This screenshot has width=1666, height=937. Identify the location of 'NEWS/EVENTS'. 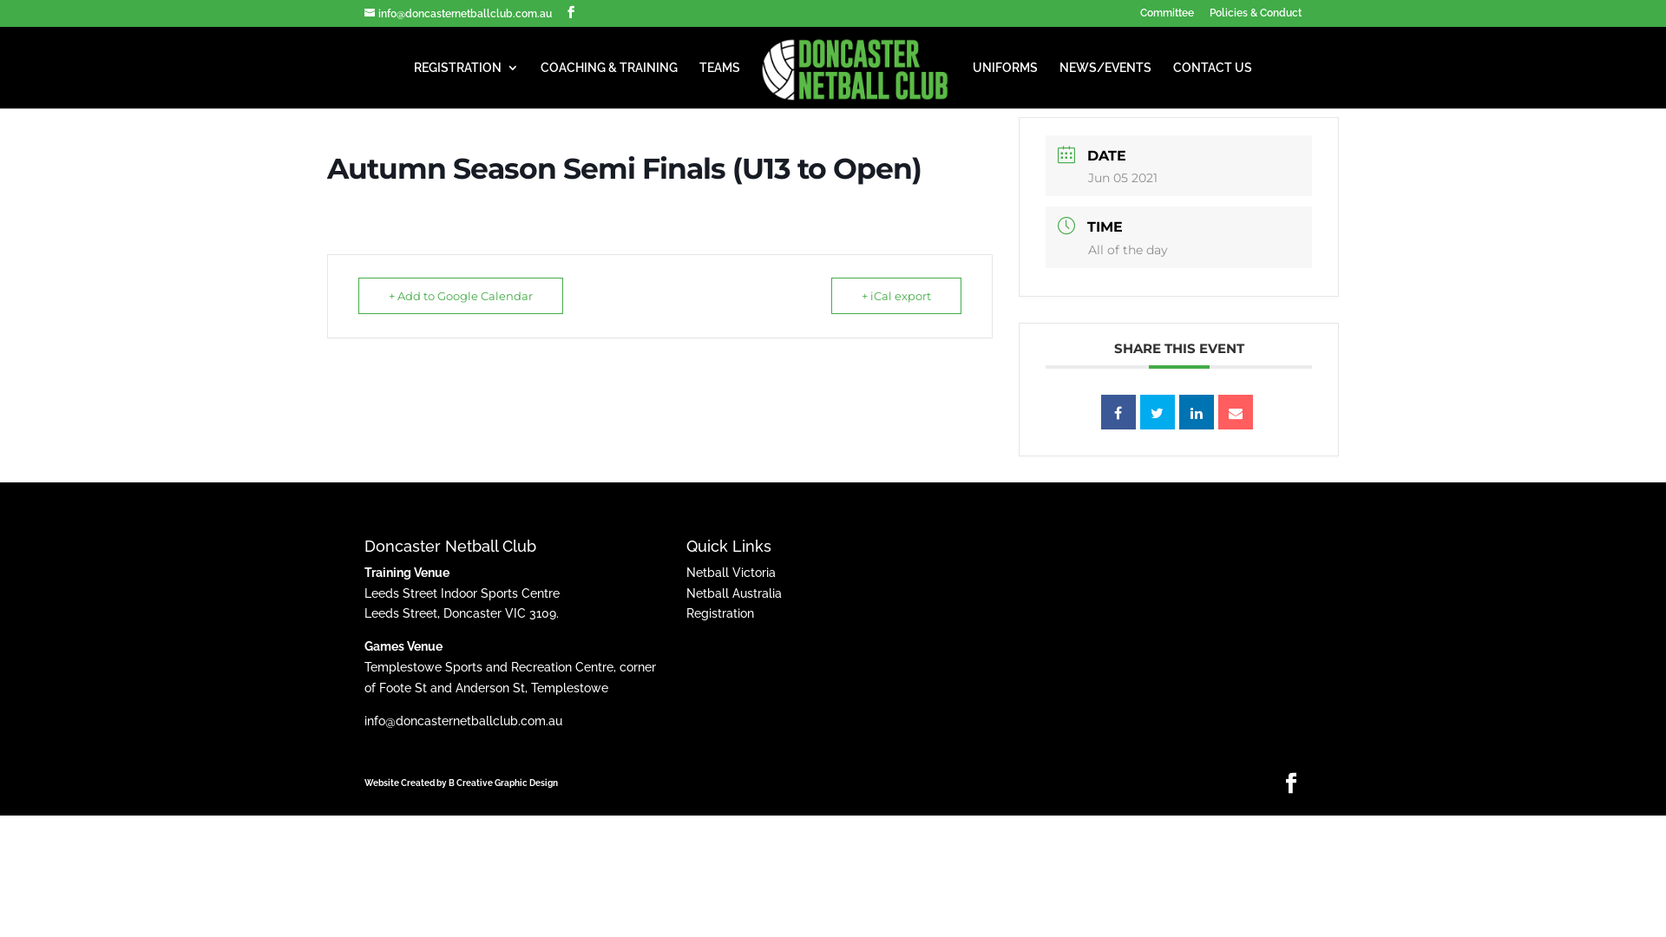
(1104, 84).